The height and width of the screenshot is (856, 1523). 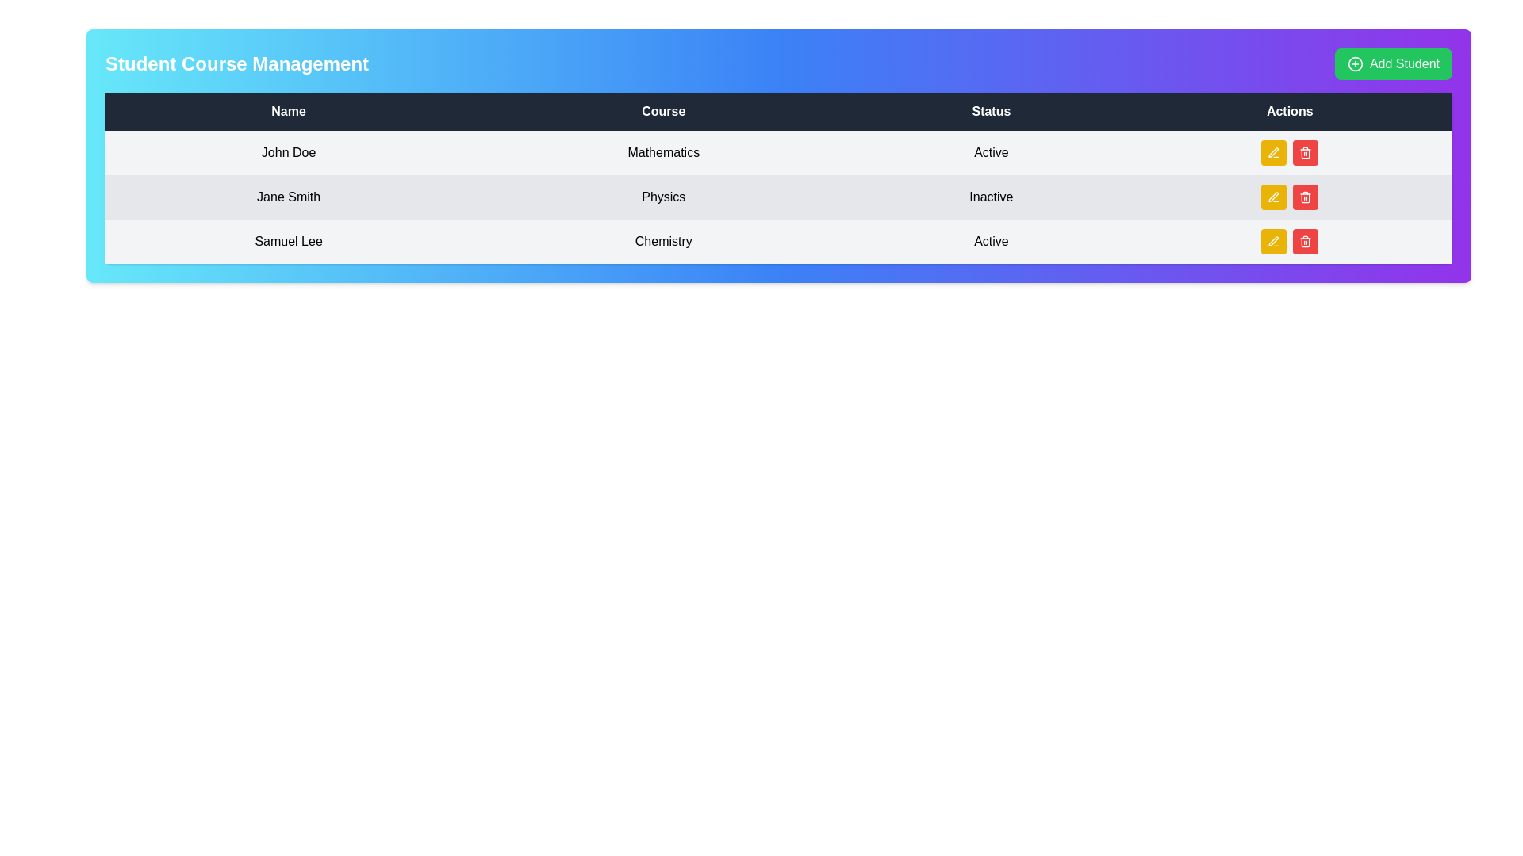 What do you see at coordinates (289, 111) in the screenshot?
I see `the text label 'Name', which is styled with white text on a dark background, located at the top-left of a tabulated interface as the first column header` at bounding box center [289, 111].